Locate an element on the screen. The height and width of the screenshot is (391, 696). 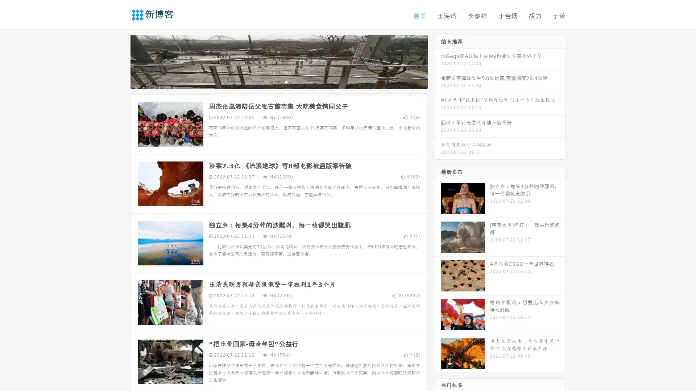
Go to slide 3 is located at coordinates (286, 81).